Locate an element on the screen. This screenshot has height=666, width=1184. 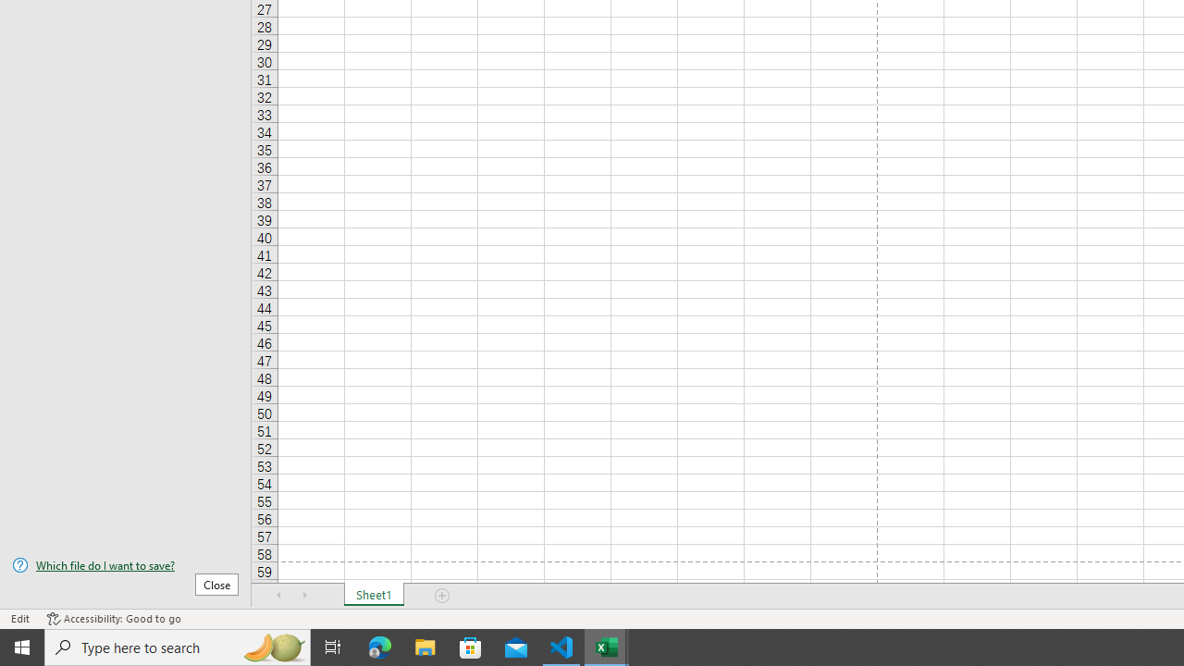
'Scroll Right' is located at coordinates (305, 596).